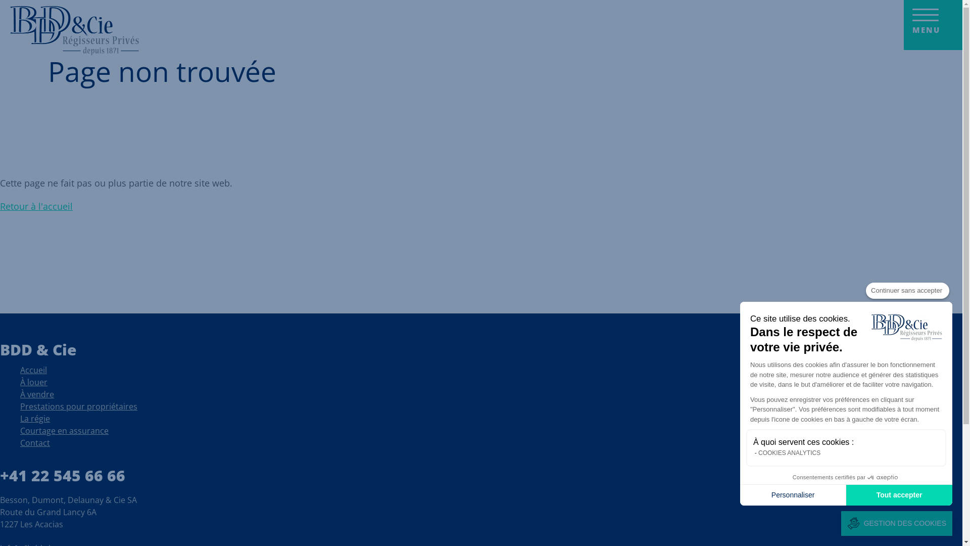 The height and width of the screenshot is (546, 970). Describe the element at coordinates (35, 444) in the screenshot. I see `'Contact'` at that location.